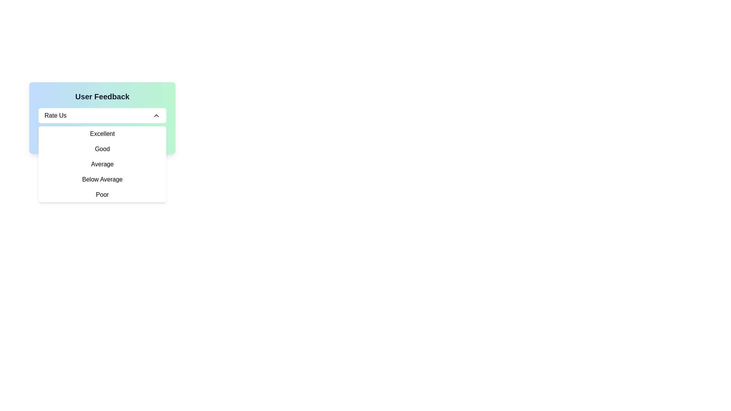 Image resolution: width=731 pixels, height=411 pixels. What do you see at coordinates (156, 116) in the screenshot?
I see `the icon indicating the collapsible state of the dropdown menu next to the 'Rate Us' text label` at bounding box center [156, 116].